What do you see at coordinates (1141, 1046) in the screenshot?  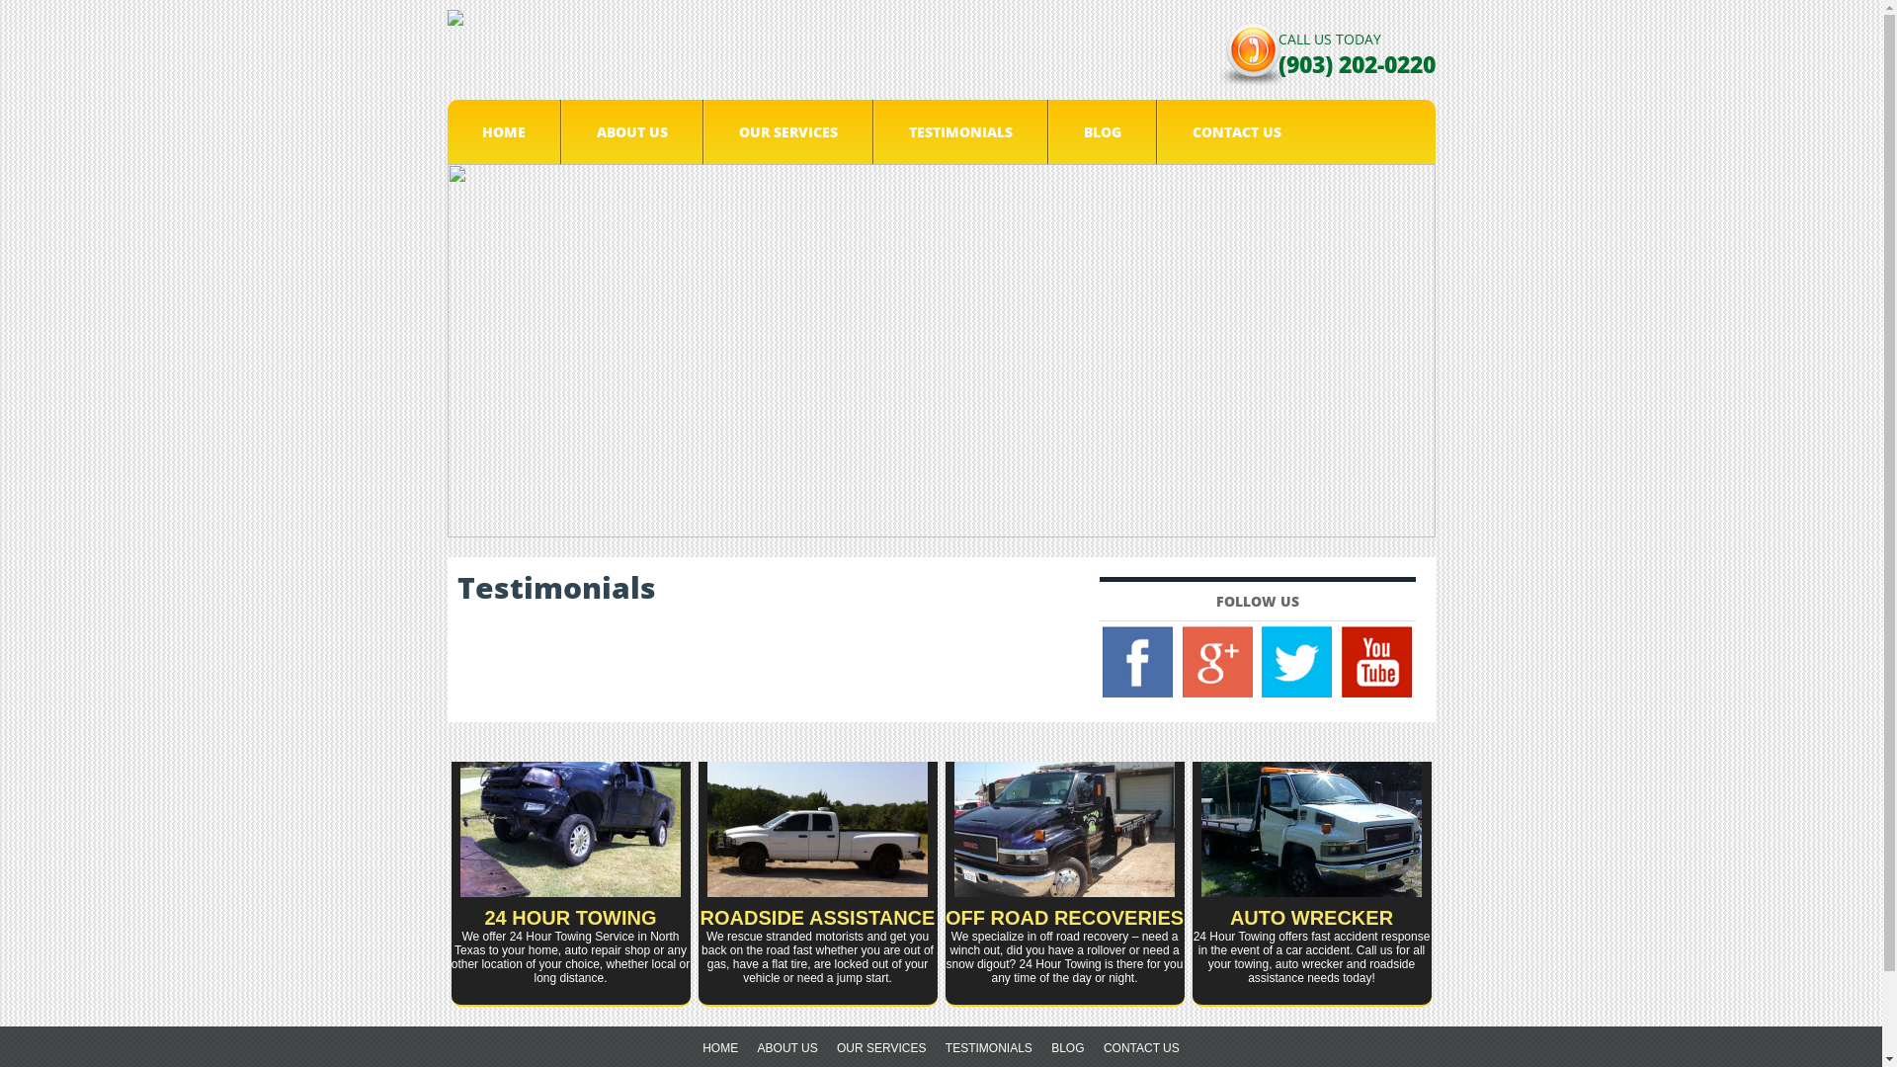 I see `'CONTACT US'` at bounding box center [1141, 1046].